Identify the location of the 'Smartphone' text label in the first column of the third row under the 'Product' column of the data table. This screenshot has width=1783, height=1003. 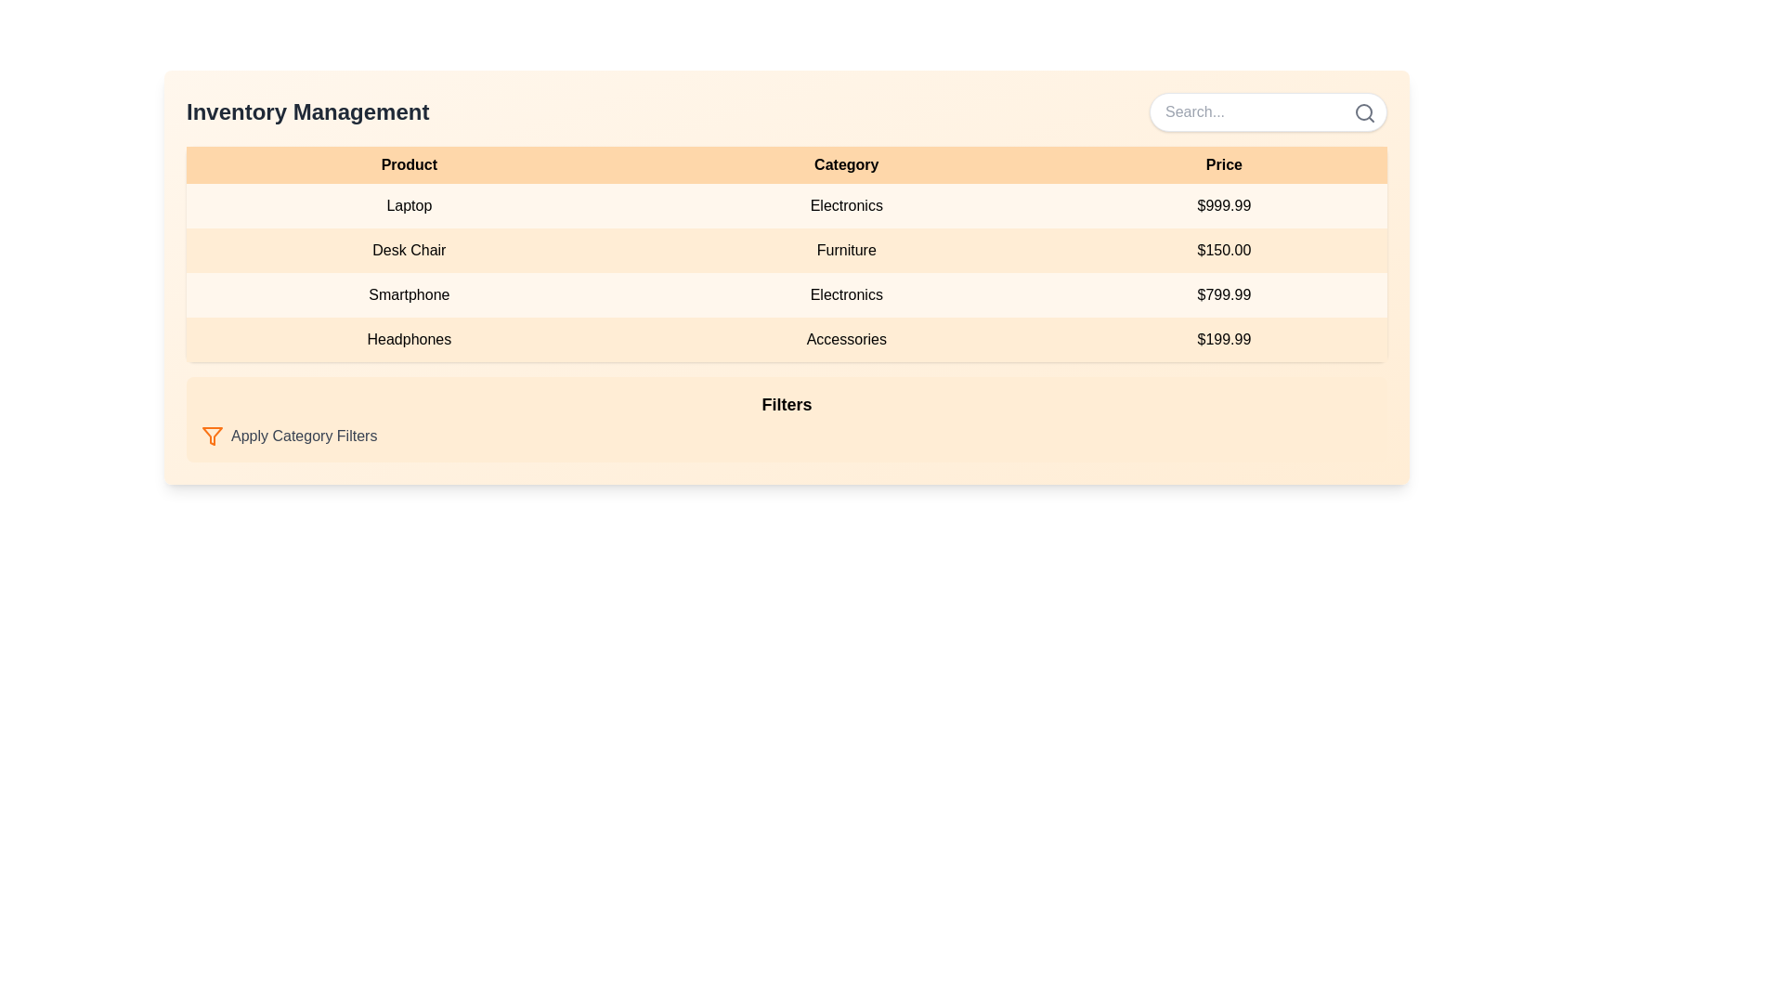
(408, 293).